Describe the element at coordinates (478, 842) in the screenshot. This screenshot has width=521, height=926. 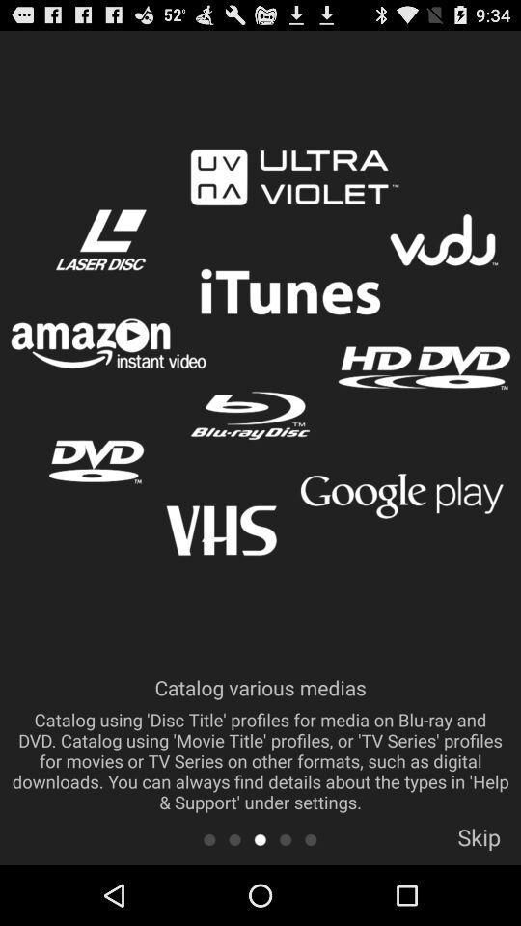
I see `the item at the bottom right corner` at that location.